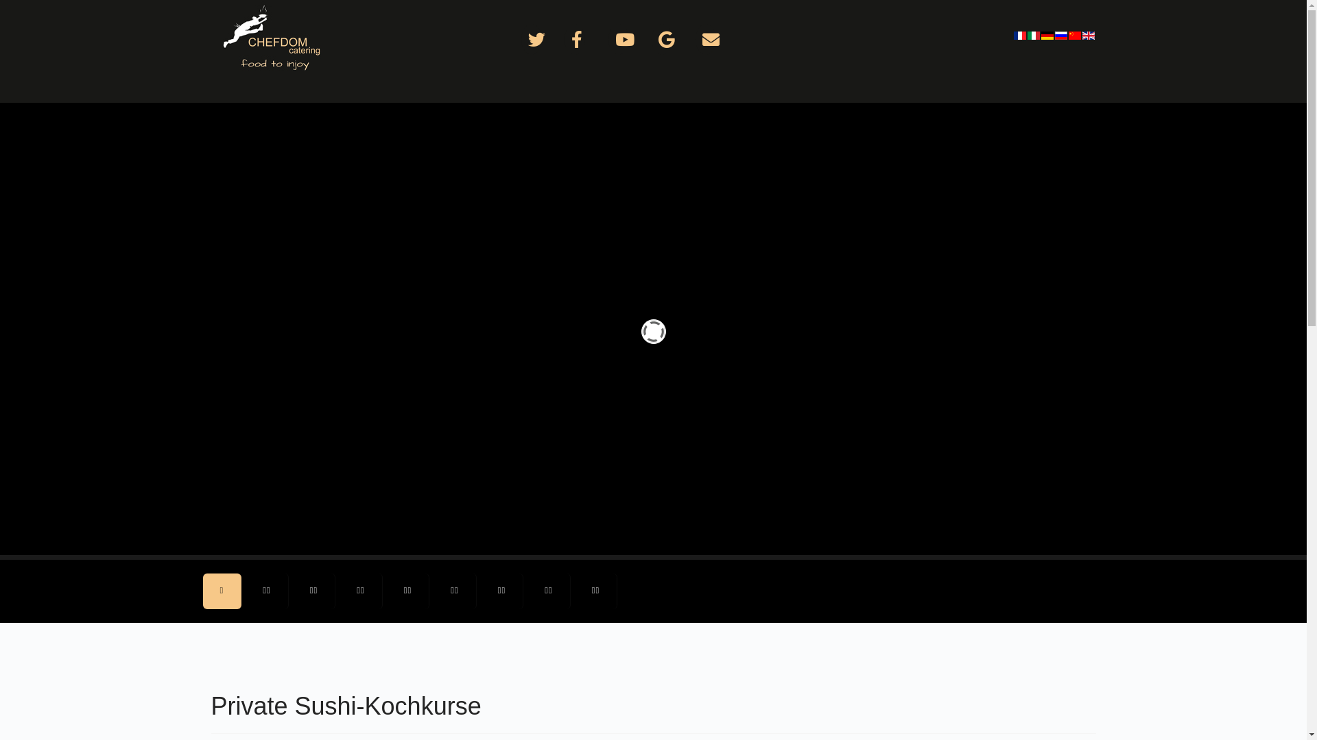 Image resolution: width=1317 pixels, height=740 pixels. Describe the element at coordinates (1034, 34) in the screenshot. I see `'Italiano - Home'` at that location.